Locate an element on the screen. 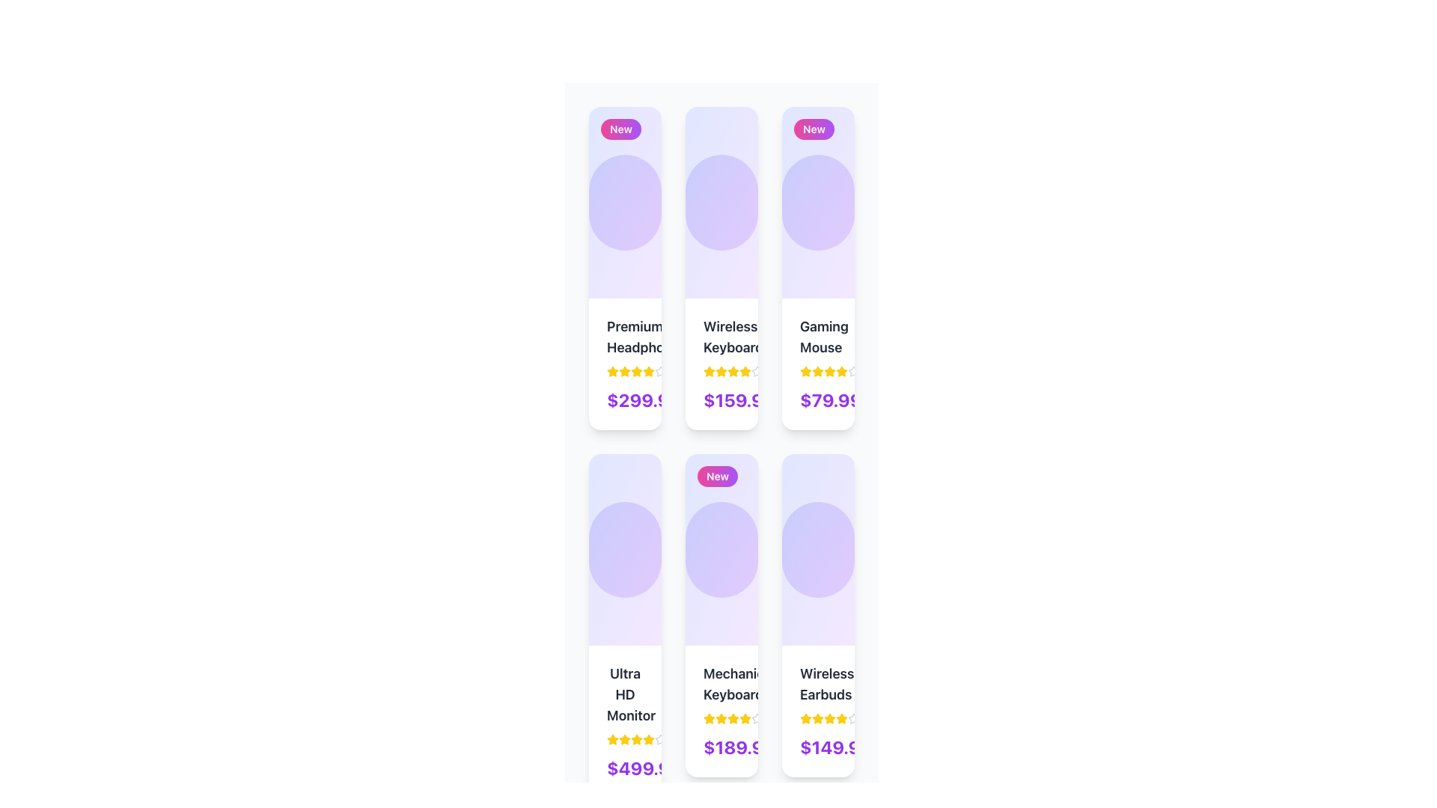 This screenshot has width=1437, height=808. the yellow star icon representing the fifth star in the rating system for the 'Wireless Earbuds' product located at the bottom section of the card is located at coordinates (829, 717).